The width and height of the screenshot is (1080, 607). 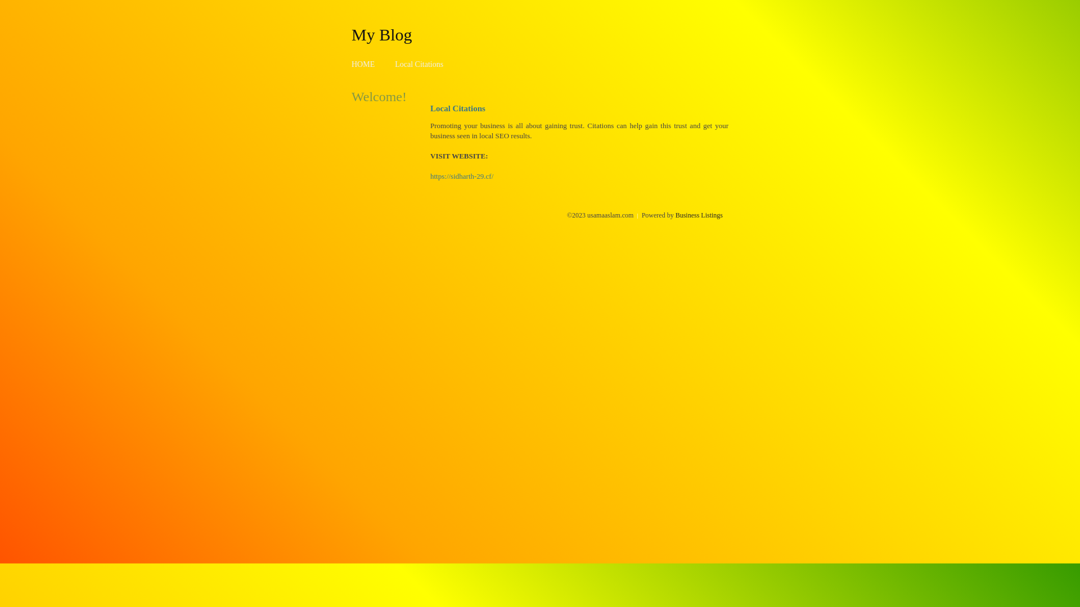 What do you see at coordinates (699, 215) in the screenshot?
I see `'Business Listings'` at bounding box center [699, 215].